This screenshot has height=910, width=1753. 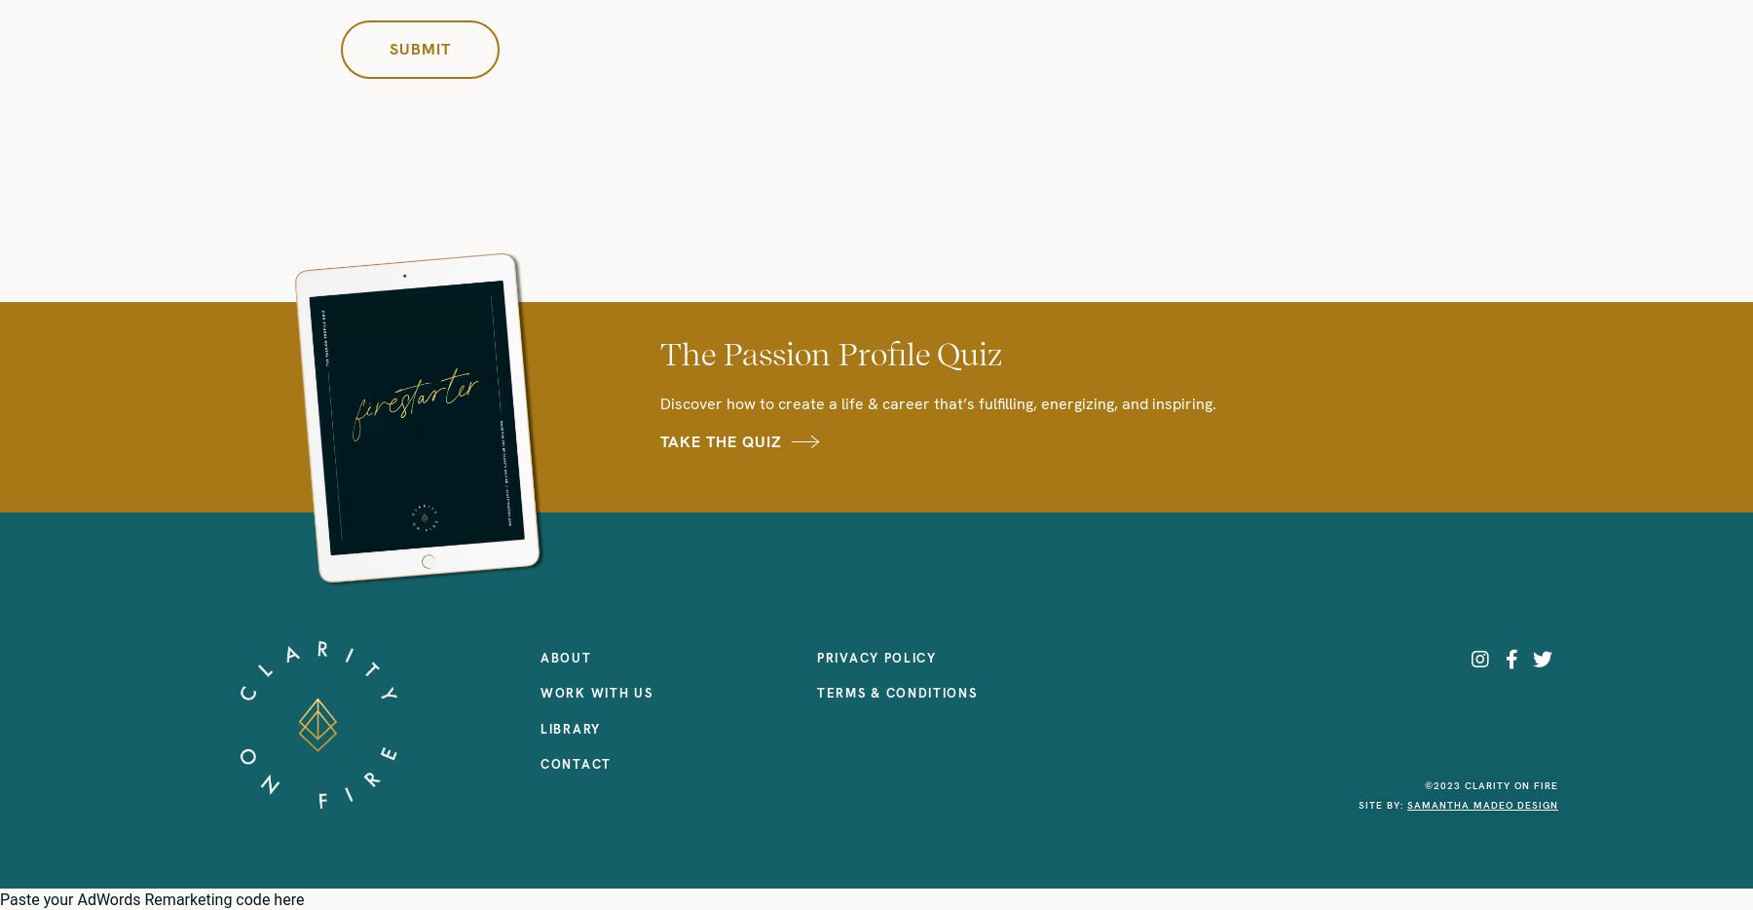 What do you see at coordinates (570, 728) in the screenshot?
I see `'LIBRARY'` at bounding box center [570, 728].